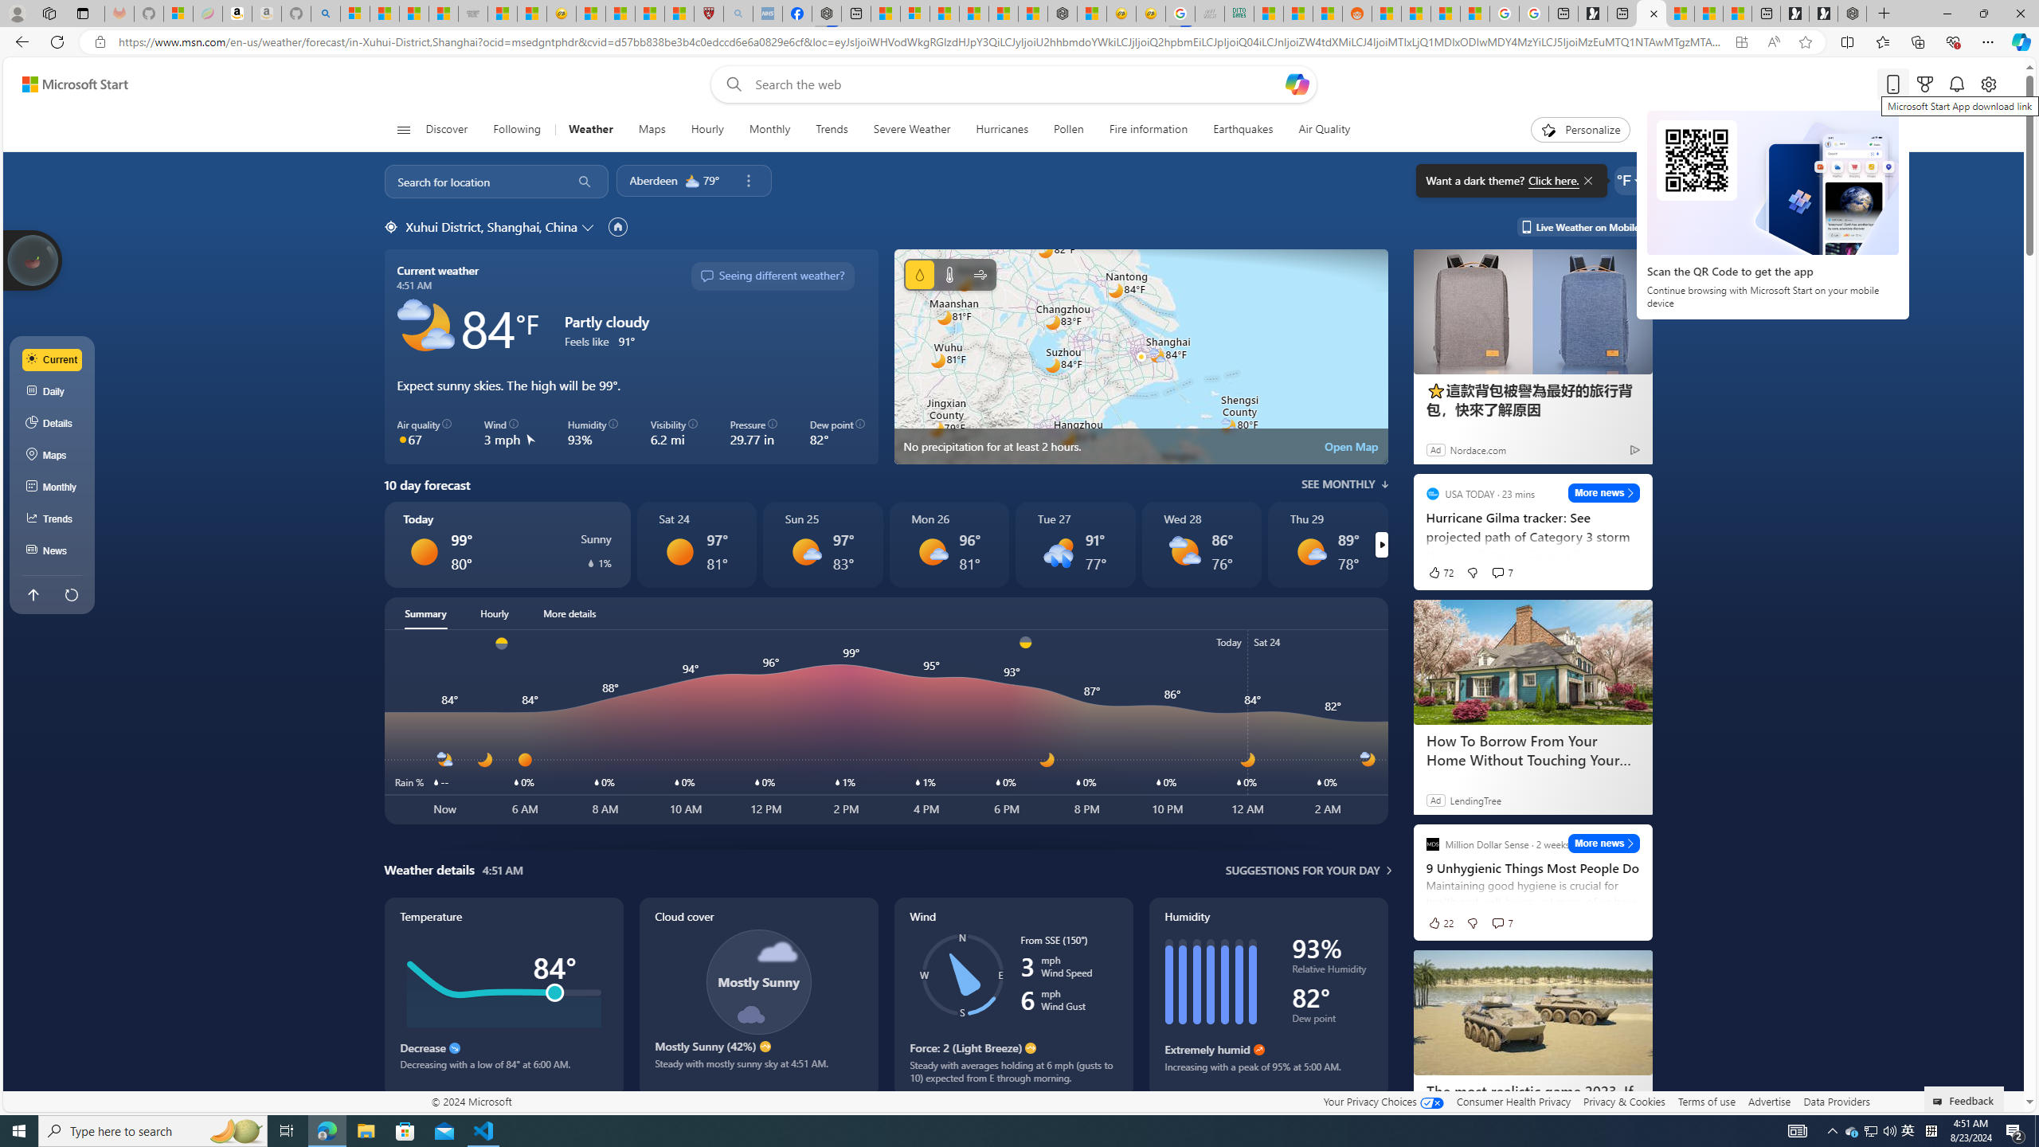 The width and height of the screenshot is (2039, 1147). Describe the element at coordinates (1001, 129) in the screenshot. I see `'Hurricanes'` at that location.